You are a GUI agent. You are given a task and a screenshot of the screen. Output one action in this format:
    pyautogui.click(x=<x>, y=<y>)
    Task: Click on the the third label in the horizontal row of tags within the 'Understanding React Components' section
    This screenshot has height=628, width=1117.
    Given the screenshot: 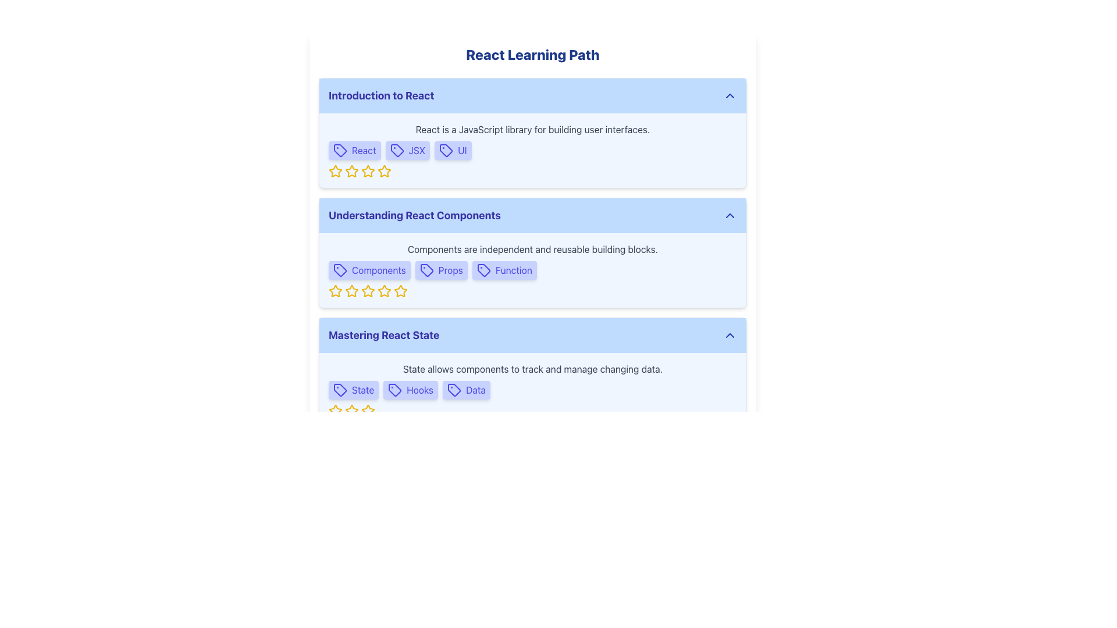 What is the action you would take?
    pyautogui.click(x=504, y=270)
    